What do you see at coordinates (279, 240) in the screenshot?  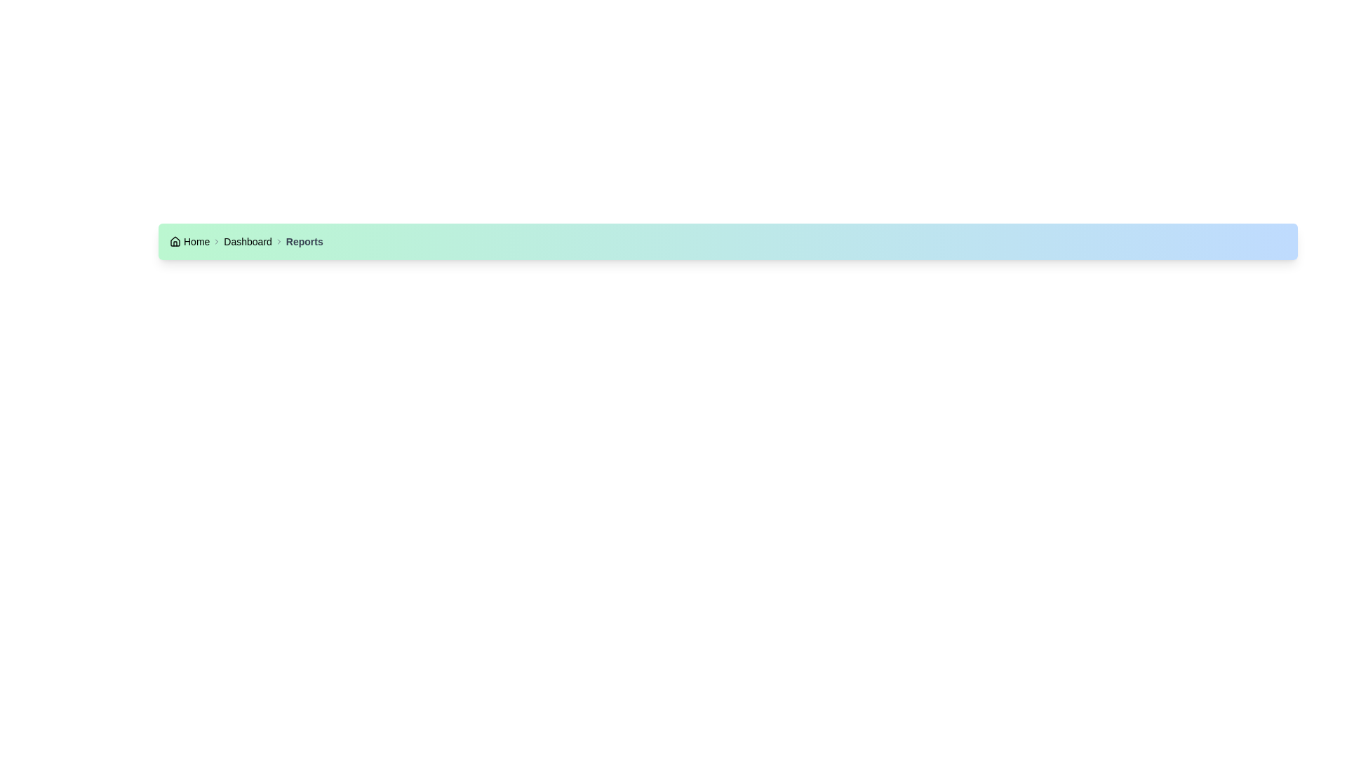 I see `the separator icon in the breadcrumb navigation that visually indicates the relationship between 'Dashboard' and 'Reports'` at bounding box center [279, 240].